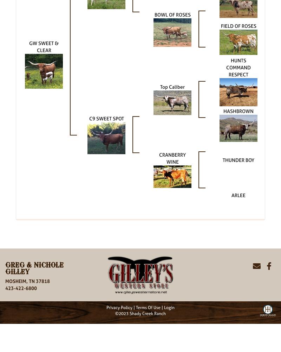  What do you see at coordinates (21, 288) in the screenshot?
I see `'423-422-6800'` at bounding box center [21, 288].